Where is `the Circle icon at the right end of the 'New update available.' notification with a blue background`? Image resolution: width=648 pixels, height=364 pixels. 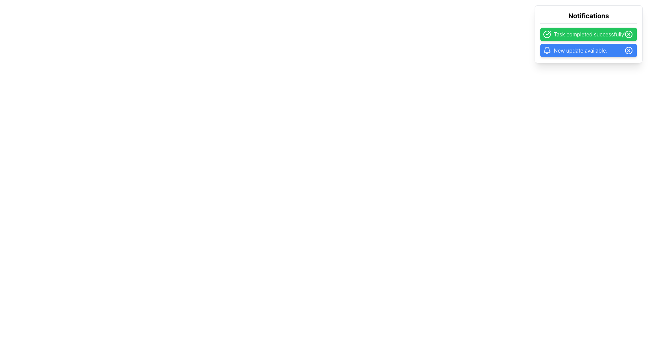 the Circle icon at the right end of the 'New update available.' notification with a blue background is located at coordinates (628, 50).